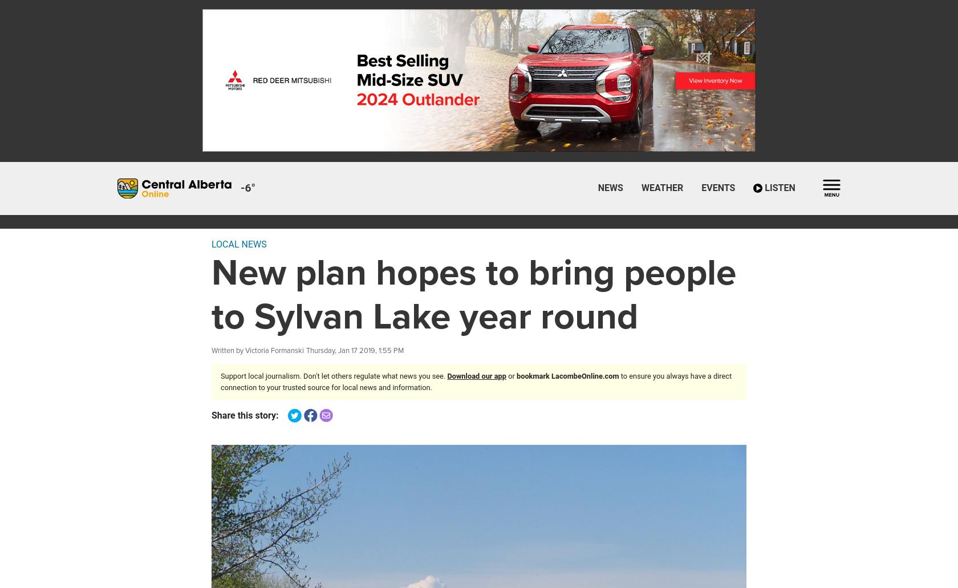 The width and height of the screenshot is (958, 588). I want to click on 'Thursday, Jan 17 2019, 1:55 PM', so click(354, 350).